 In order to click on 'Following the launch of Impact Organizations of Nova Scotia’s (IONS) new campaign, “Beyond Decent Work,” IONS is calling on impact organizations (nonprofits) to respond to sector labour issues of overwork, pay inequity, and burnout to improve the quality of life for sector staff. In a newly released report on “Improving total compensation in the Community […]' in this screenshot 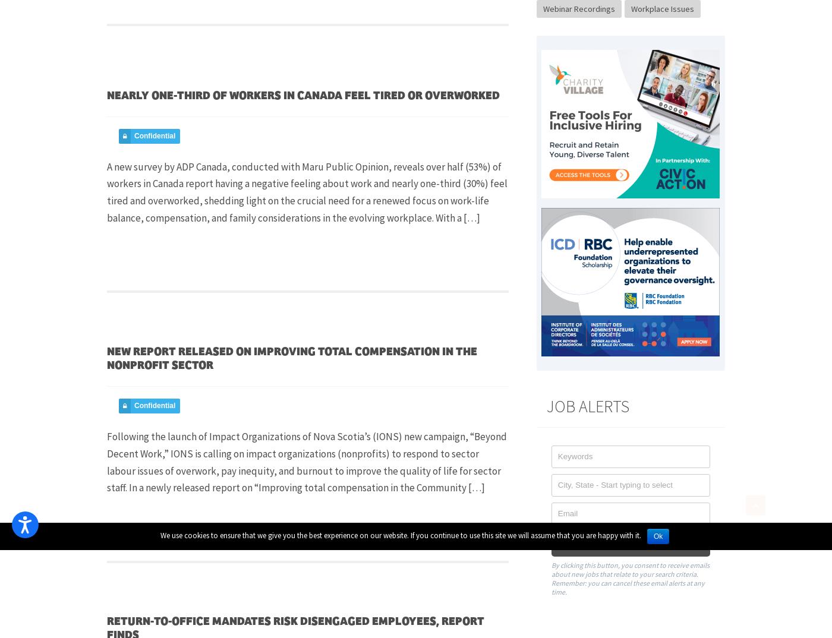, I will do `click(307, 461)`.